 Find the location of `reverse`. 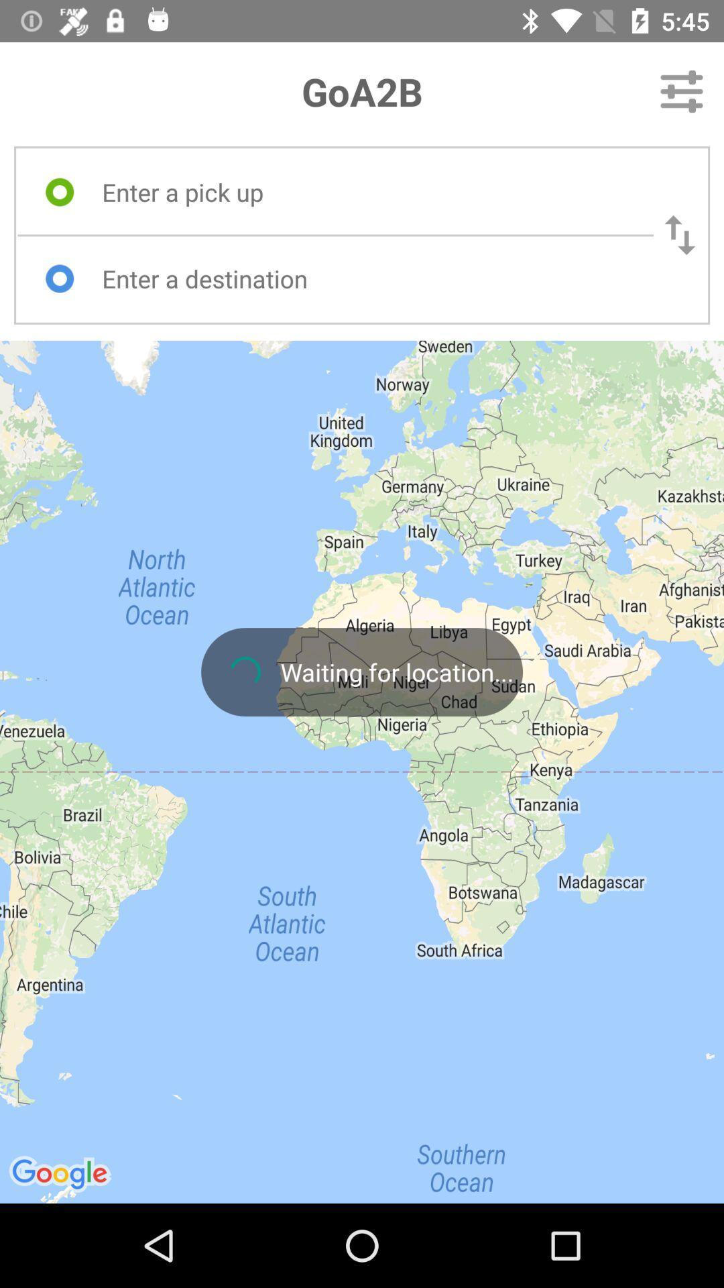

reverse is located at coordinates (680, 235).